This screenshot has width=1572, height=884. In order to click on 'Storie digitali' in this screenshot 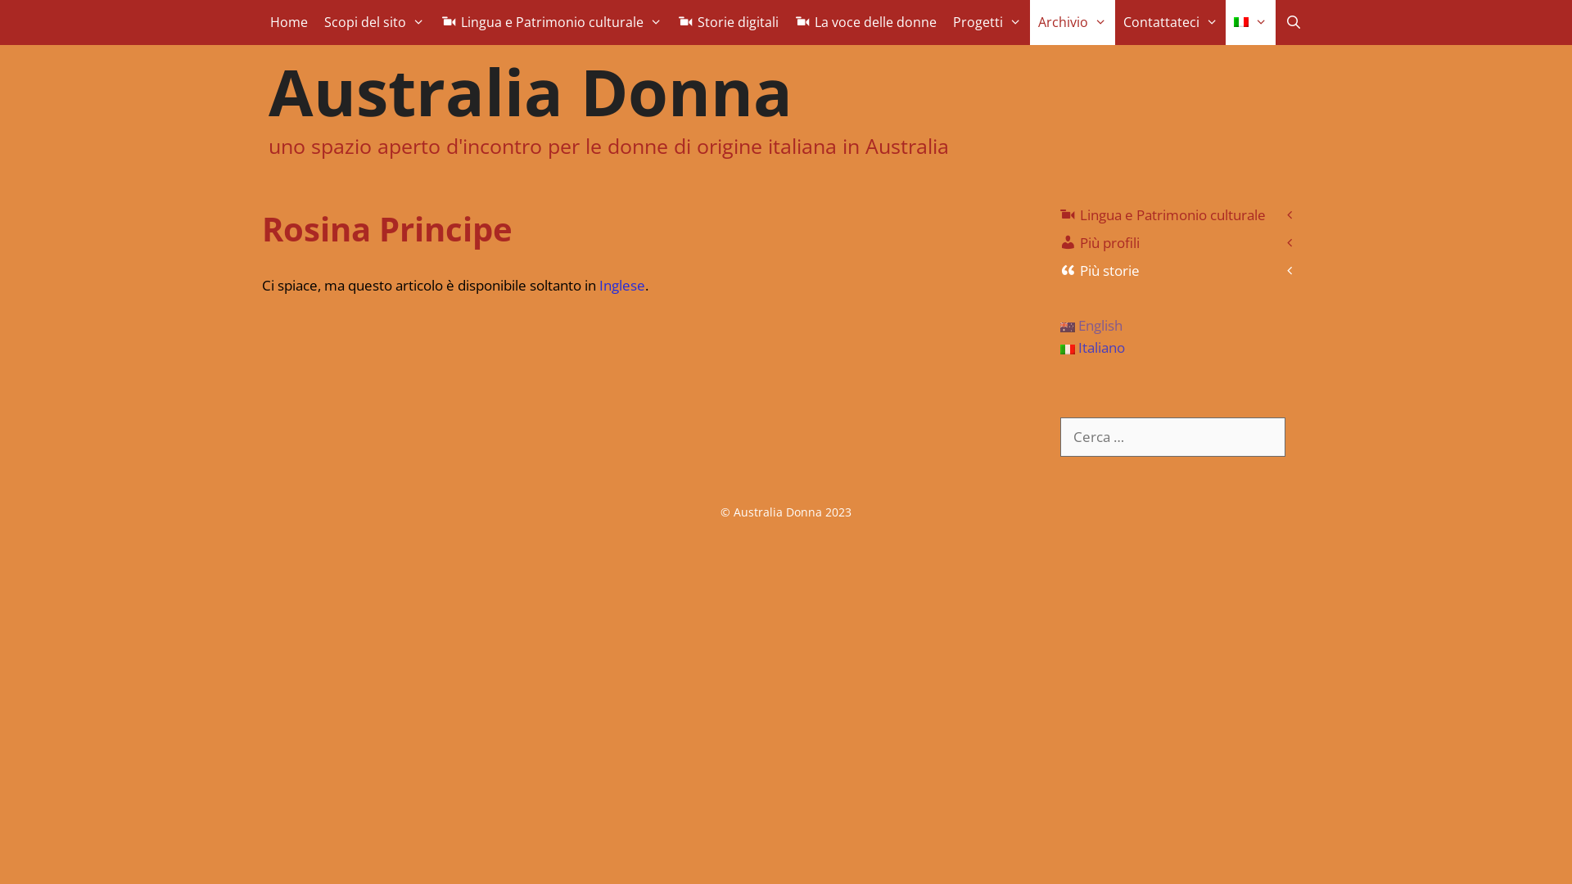, I will do `click(727, 22)`.